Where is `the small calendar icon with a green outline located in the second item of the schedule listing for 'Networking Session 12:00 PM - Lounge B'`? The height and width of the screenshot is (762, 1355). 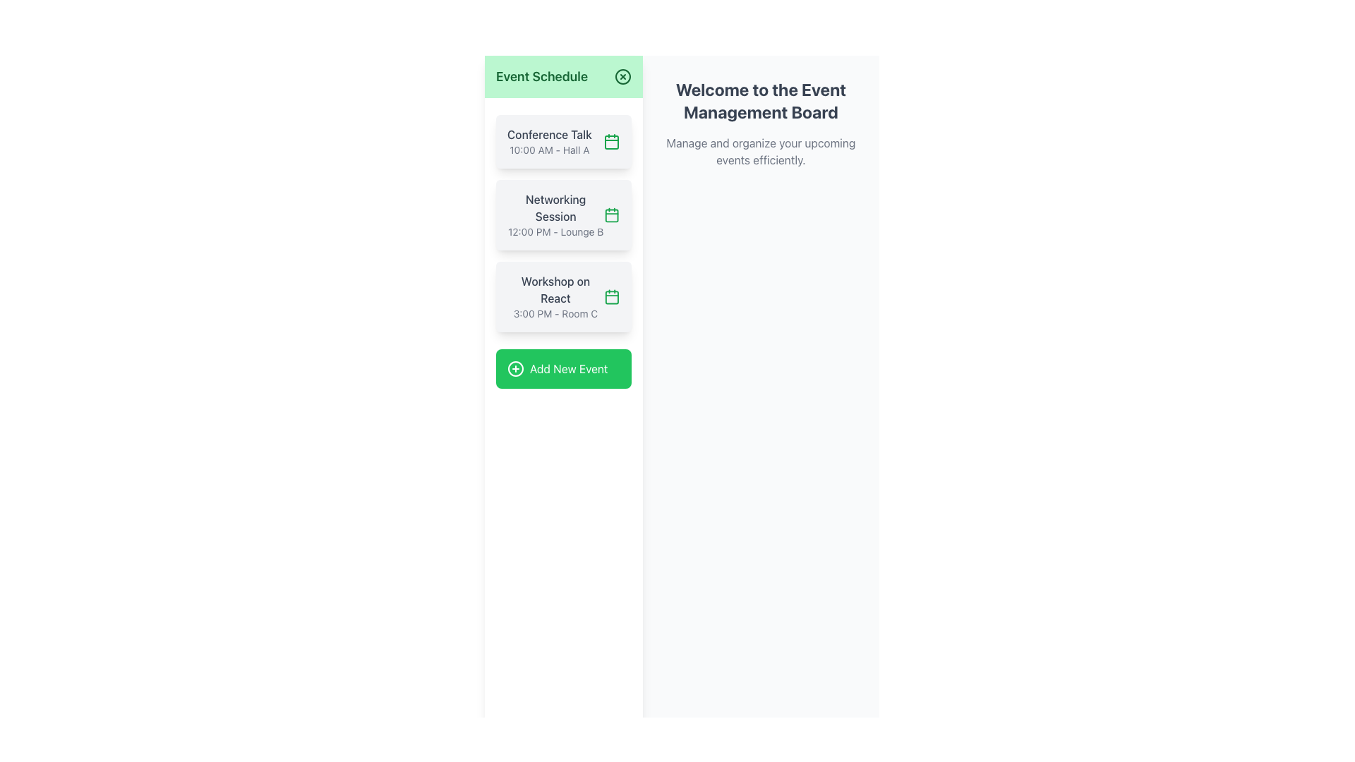
the small calendar icon with a green outline located in the second item of the schedule listing for 'Networking Session 12:00 PM - Lounge B' is located at coordinates (612, 214).